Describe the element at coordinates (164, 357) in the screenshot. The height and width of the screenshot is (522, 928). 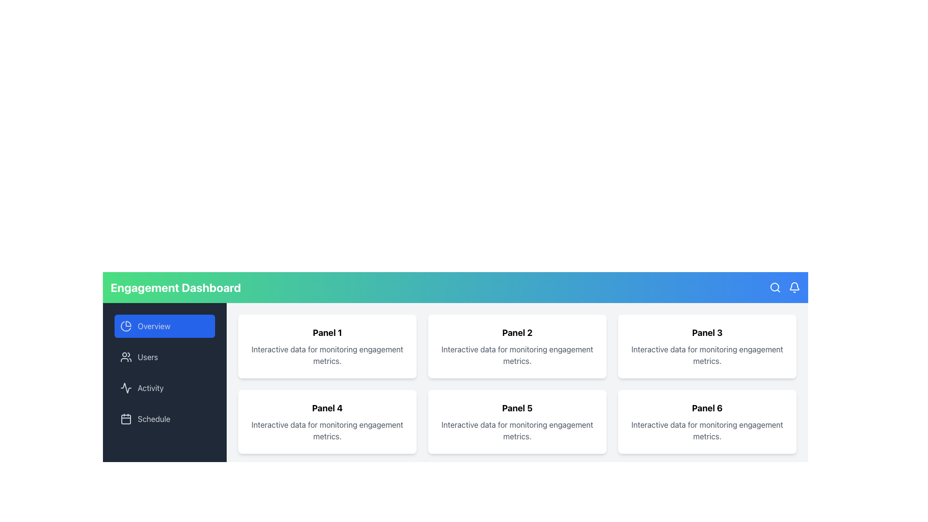
I see `the user management button located in the vertical navigation menu, positioned below the 'Overview' button and above the 'Activity' button` at that location.